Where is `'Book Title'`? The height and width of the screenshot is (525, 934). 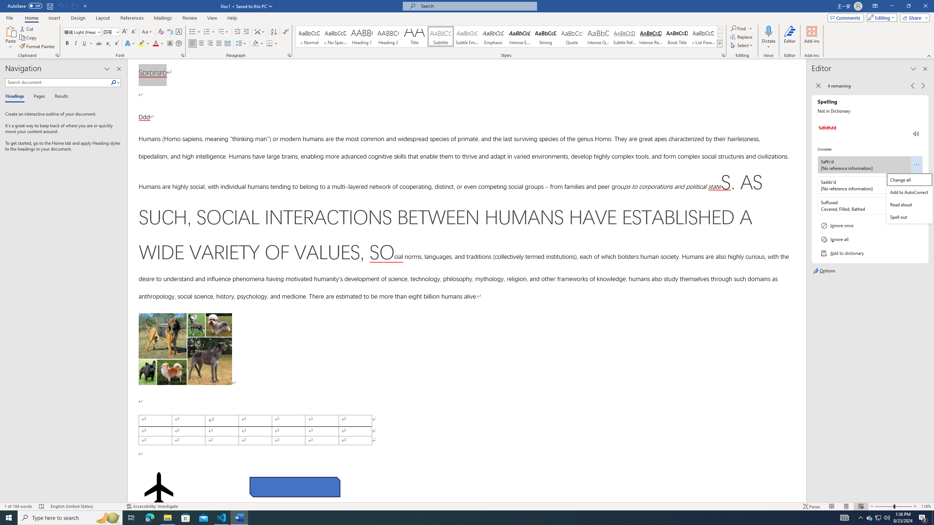
'Book Title' is located at coordinates (677, 36).